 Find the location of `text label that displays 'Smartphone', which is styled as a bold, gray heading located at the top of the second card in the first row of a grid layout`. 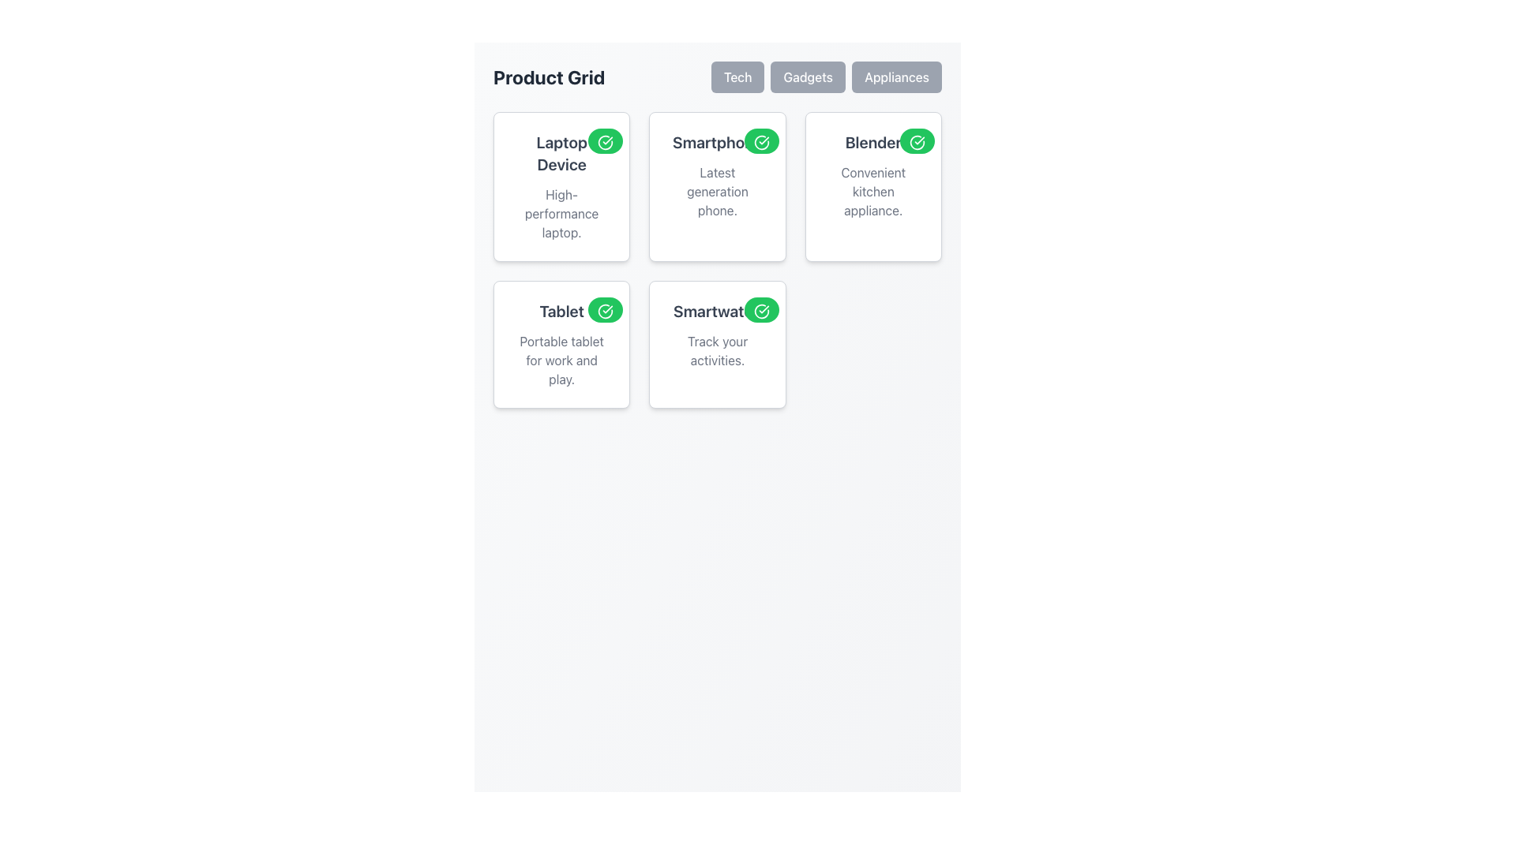

text label that displays 'Smartphone', which is styled as a bold, gray heading located at the top of the second card in the first row of a grid layout is located at coordinates (716, 143).